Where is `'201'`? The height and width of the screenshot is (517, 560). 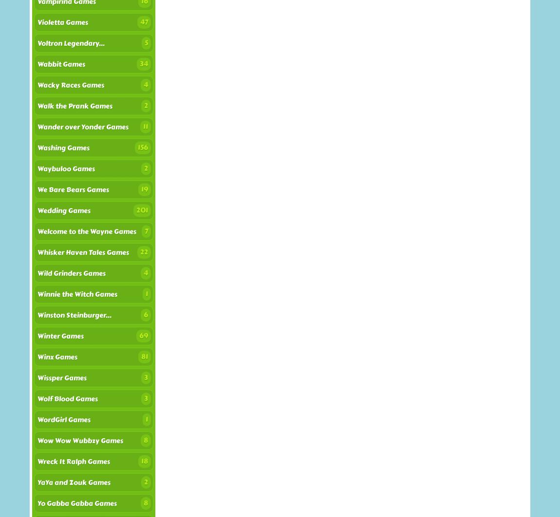
'201' is located at coordinates (142, 210).